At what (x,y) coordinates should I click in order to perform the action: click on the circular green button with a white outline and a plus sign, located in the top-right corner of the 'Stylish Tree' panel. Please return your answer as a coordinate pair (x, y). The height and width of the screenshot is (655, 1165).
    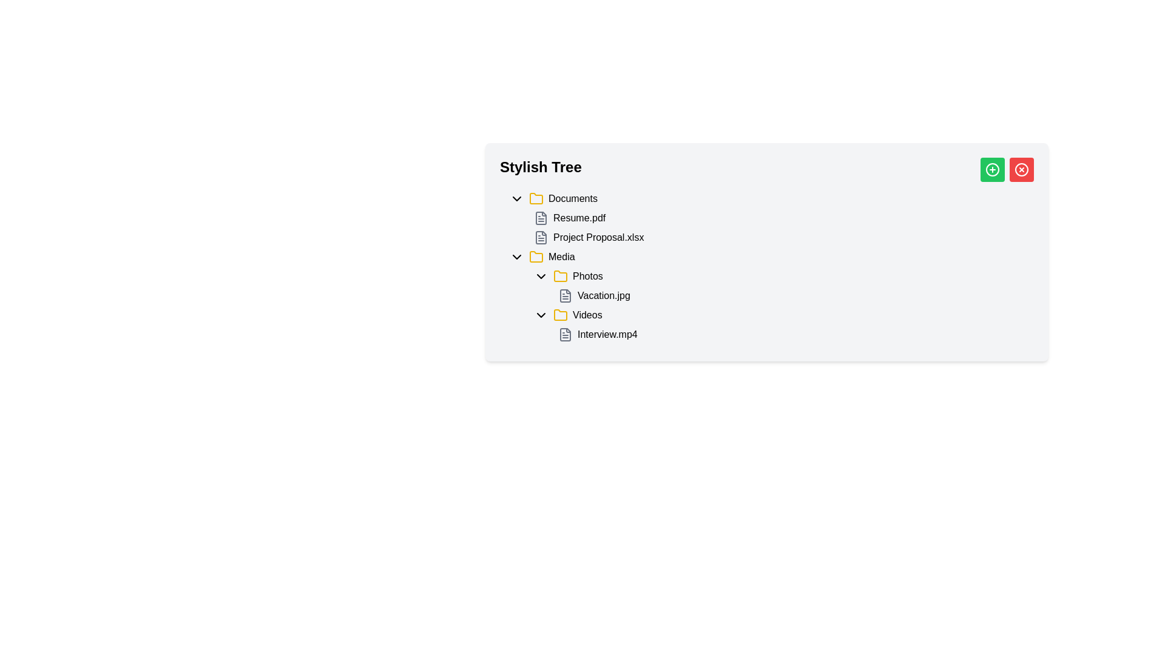
    Looking at the image, I should click on (993, 170).